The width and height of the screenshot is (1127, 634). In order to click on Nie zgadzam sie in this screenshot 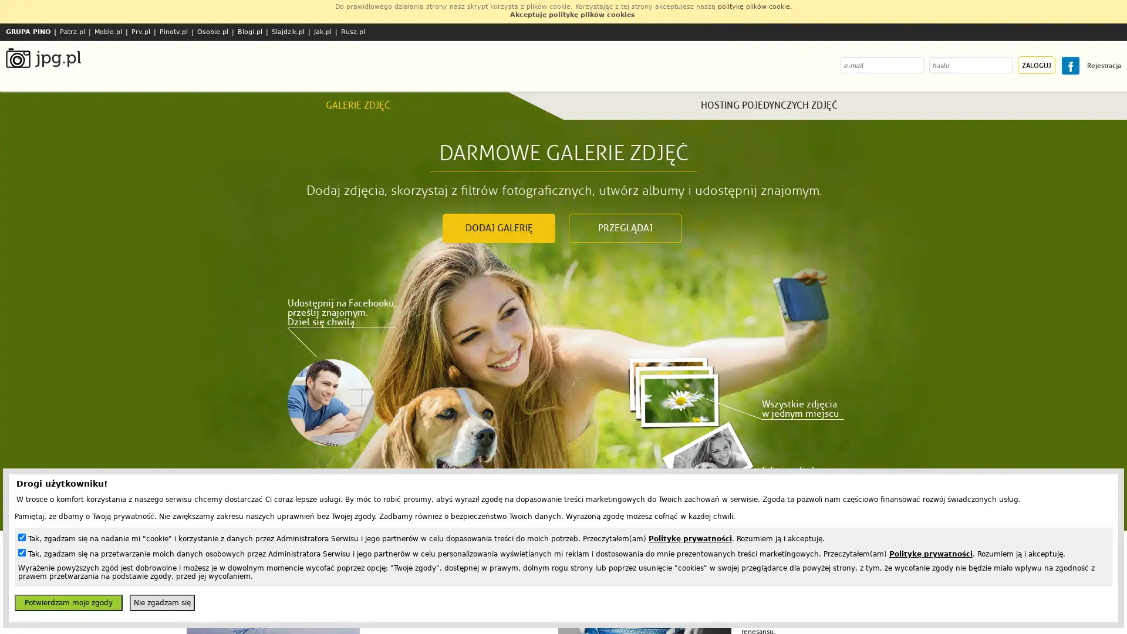, I will do `click(161, 602)`.